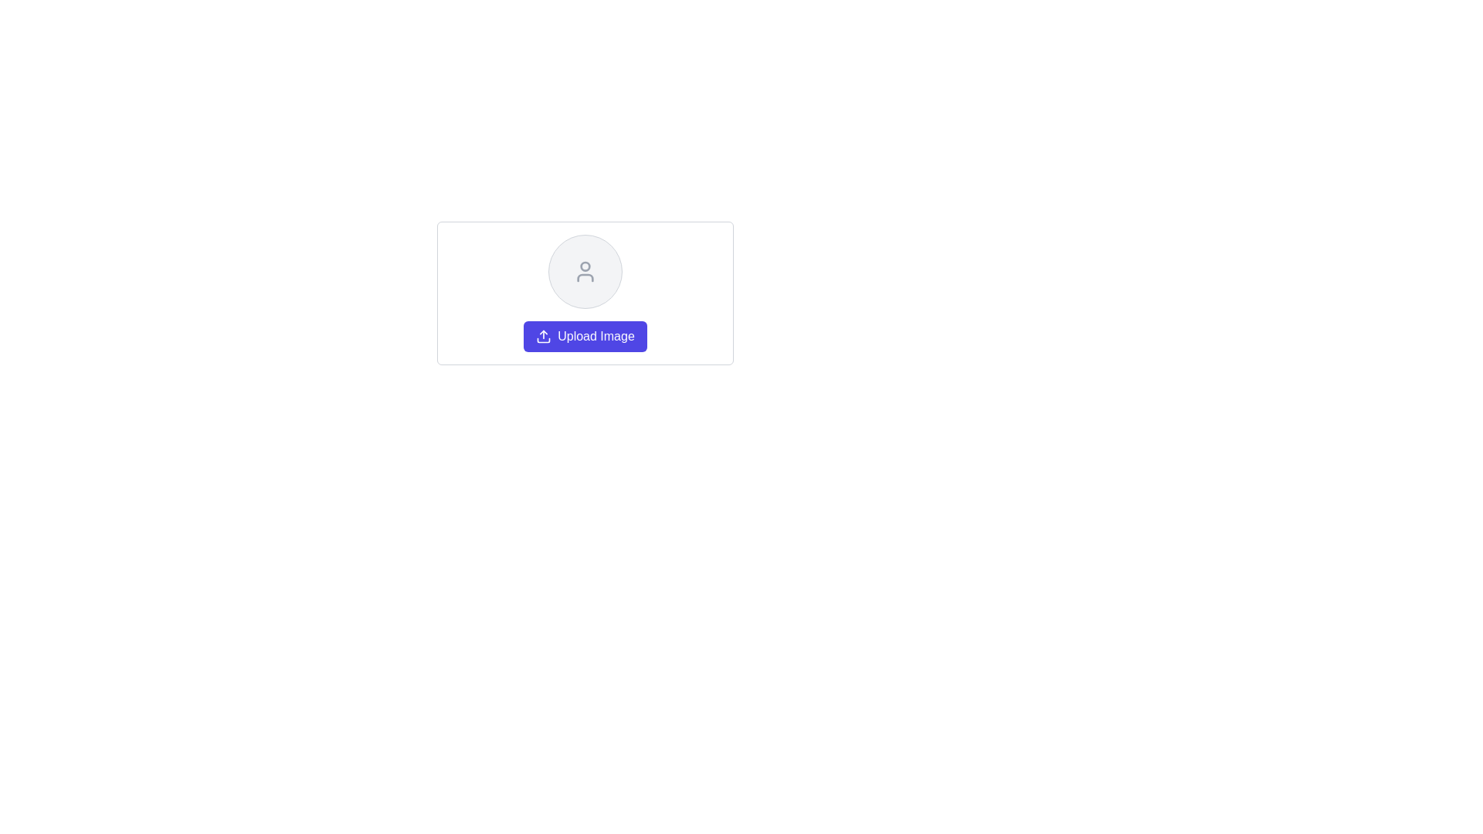  What do you see at coordinates (585, 270) in the screenshot?
I see `the user profile icon, which is centrally located within a circular area with a gray border, above the 'Upload Image' button` at bounding box center [585, 270].